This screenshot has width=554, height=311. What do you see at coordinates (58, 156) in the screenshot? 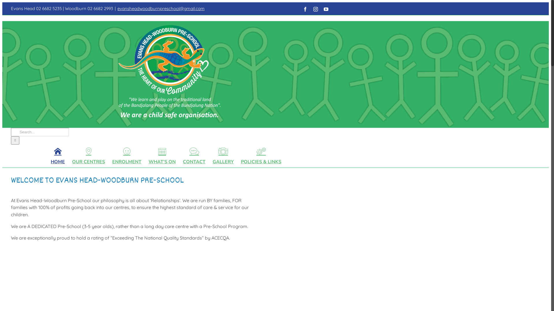
I see `'HOME'` at bounding box center [58, 156].